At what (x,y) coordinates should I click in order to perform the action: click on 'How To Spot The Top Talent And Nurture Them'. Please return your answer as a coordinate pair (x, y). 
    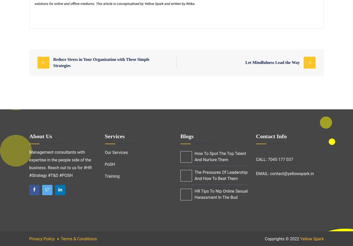
    Looking at the image, I should click on (220, 156).